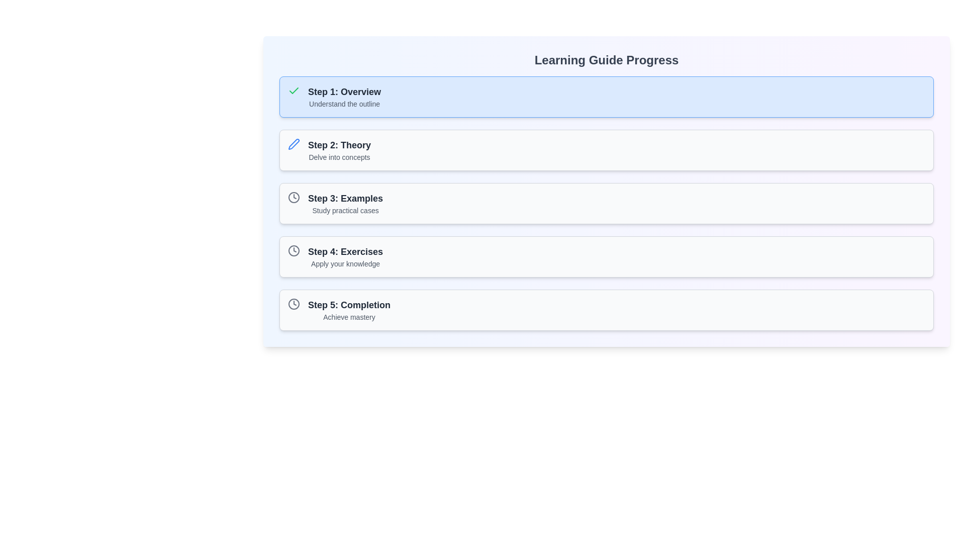 The image size is (965, 543). Describe the element at coordinates (294, 304) in the screenshot. I see `the clock icon with a circular outline and clock hands, located next to the text 'Step 5: Completion' in the 'Learning Guide Progress' list` at that location.